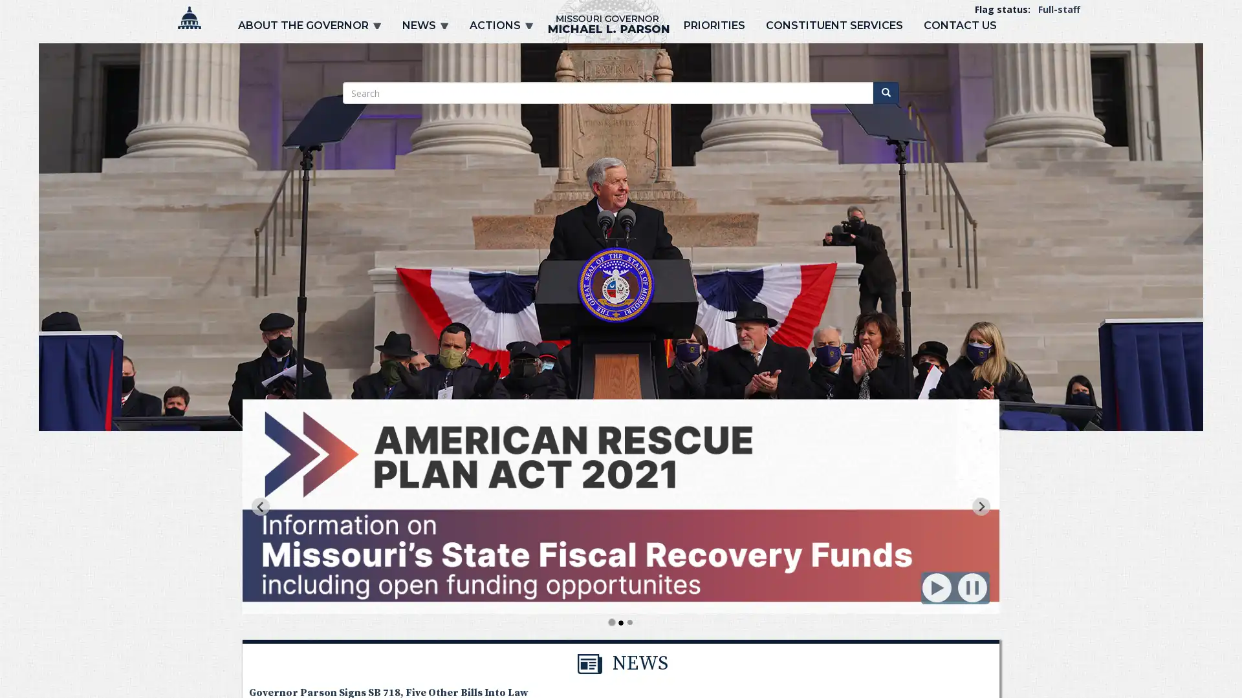 The height and width of the screenshot is (698, 1242). What do you see at coordinates (260, 505) in the screenshot?
I see `Go to last slide` at bounding box center [260, 505].